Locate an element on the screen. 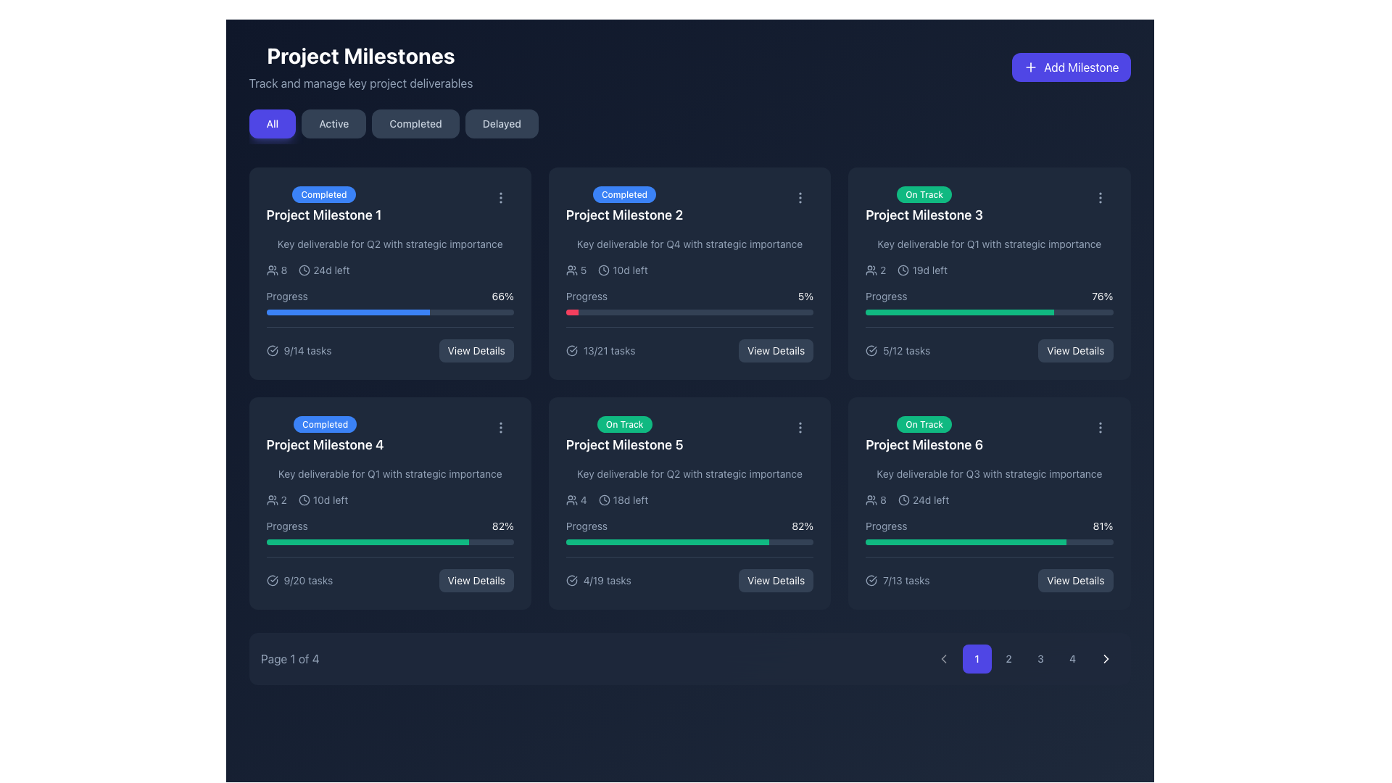 The image size is (1392, 783). the small, rounded button labeled '2' in the pagination control section is located at coordinates (1008, 659).